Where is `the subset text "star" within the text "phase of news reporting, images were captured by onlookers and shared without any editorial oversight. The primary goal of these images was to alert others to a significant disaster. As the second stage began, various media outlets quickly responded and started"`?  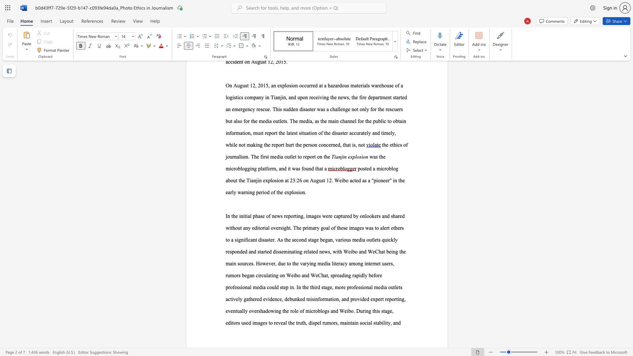
the subset text "star" within the text "phase of news reporting, images were captured by onlookers and shared without any editorial oversight. The primary goal of these images was to alert others to a significant disaster. As the second stage began, various media outlets quickly responded and started" is located at coordinates (257, 252).